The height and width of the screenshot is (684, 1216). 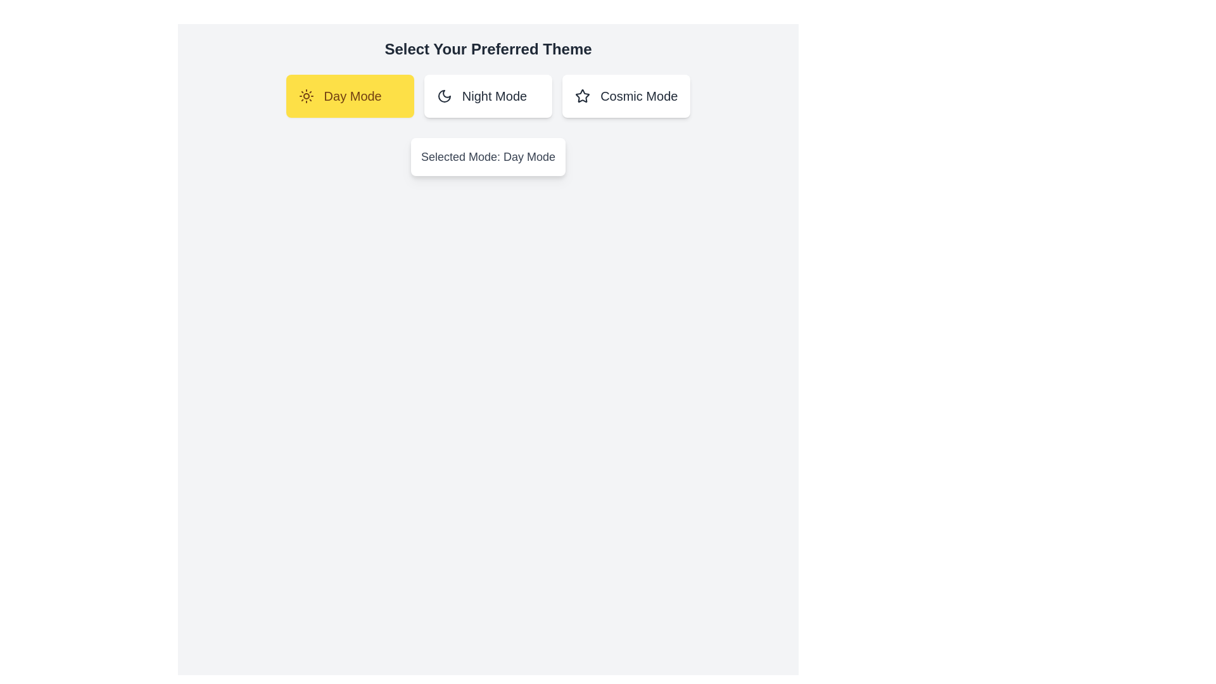 What do you see at coordinates (488, 95) in the screenshot?
I see `the Night Mode button to observe its hover effect` at bounding box center [488, 95].